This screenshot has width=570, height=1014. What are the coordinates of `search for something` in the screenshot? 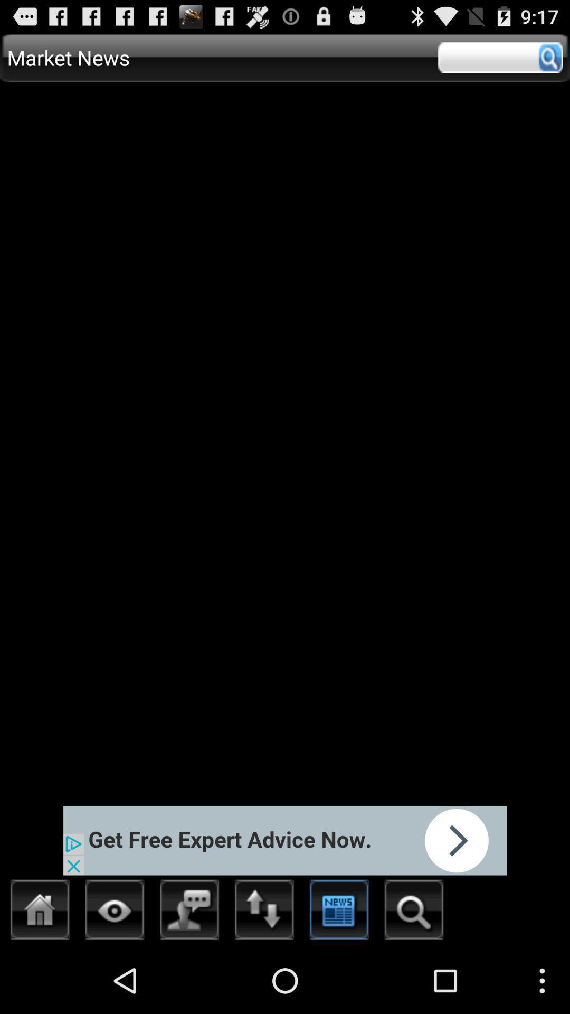 It's located at (413, 912).